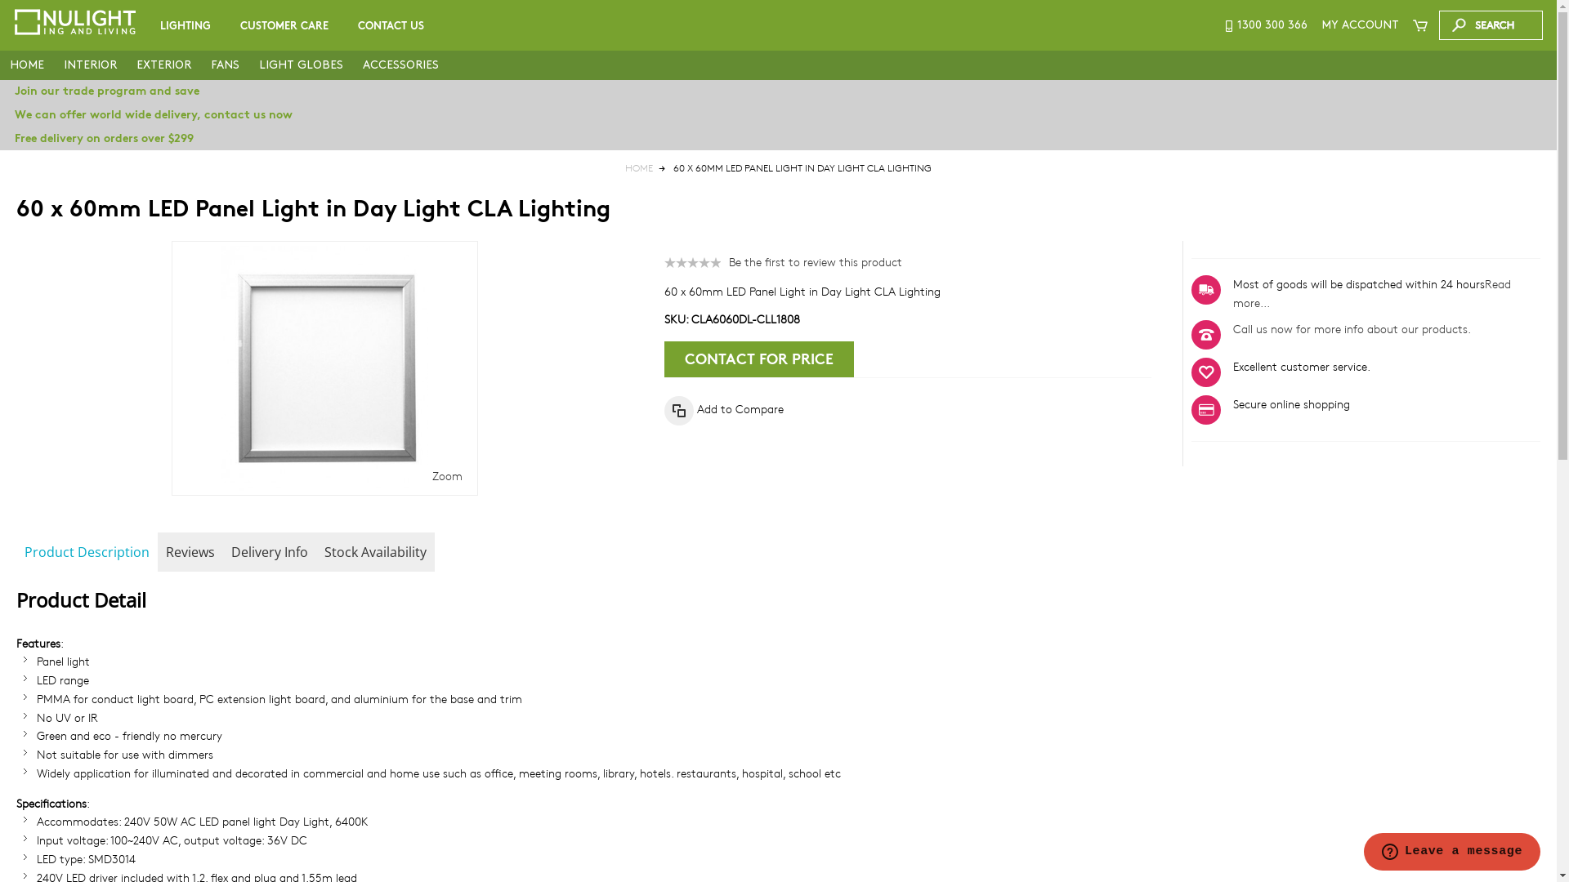  What do you see at coordinates (27, 65) in the screenshot?
I see `'HOME'` at bounding box center [27, 65].